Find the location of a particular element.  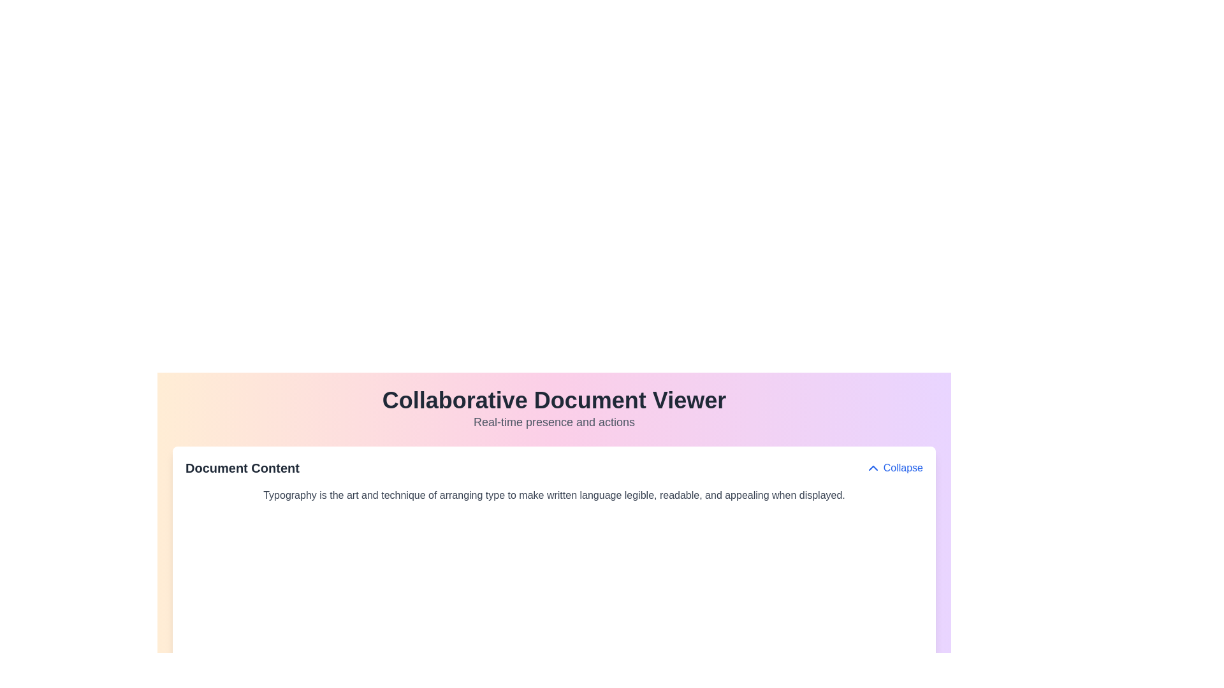

header text content that introduces the context and purpose of the interface, centrally aligned near the top of the visible content area is located at coordinates (554, 410).